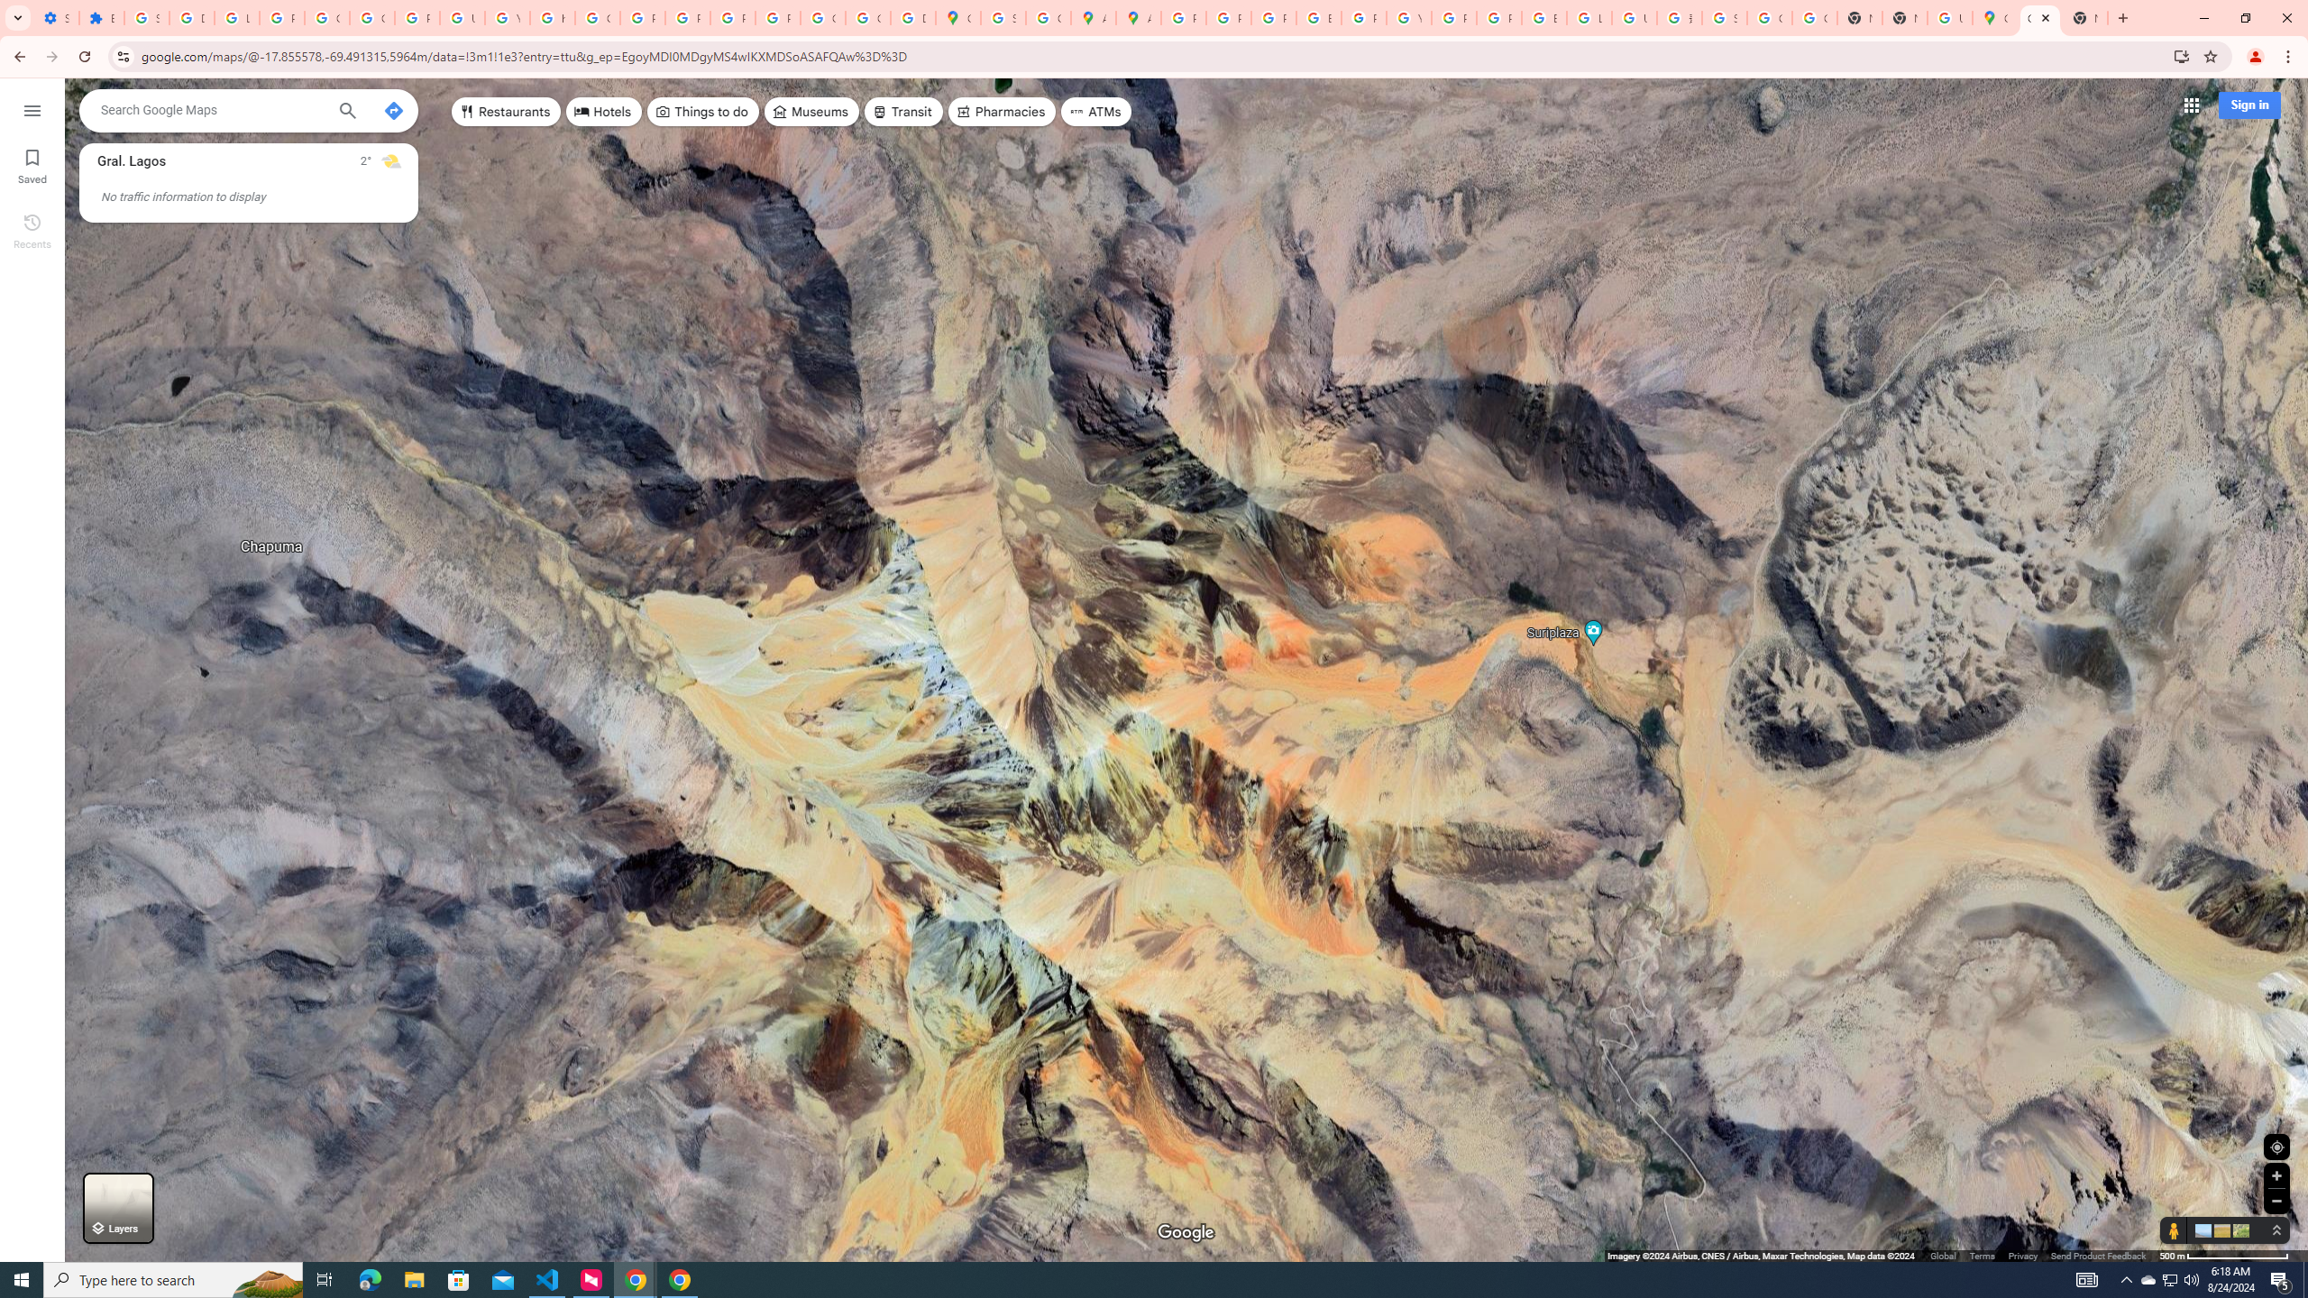 This screenshot has height=1298, width=2308. I want to click on 'Settings - On startup', so click(55, 17).